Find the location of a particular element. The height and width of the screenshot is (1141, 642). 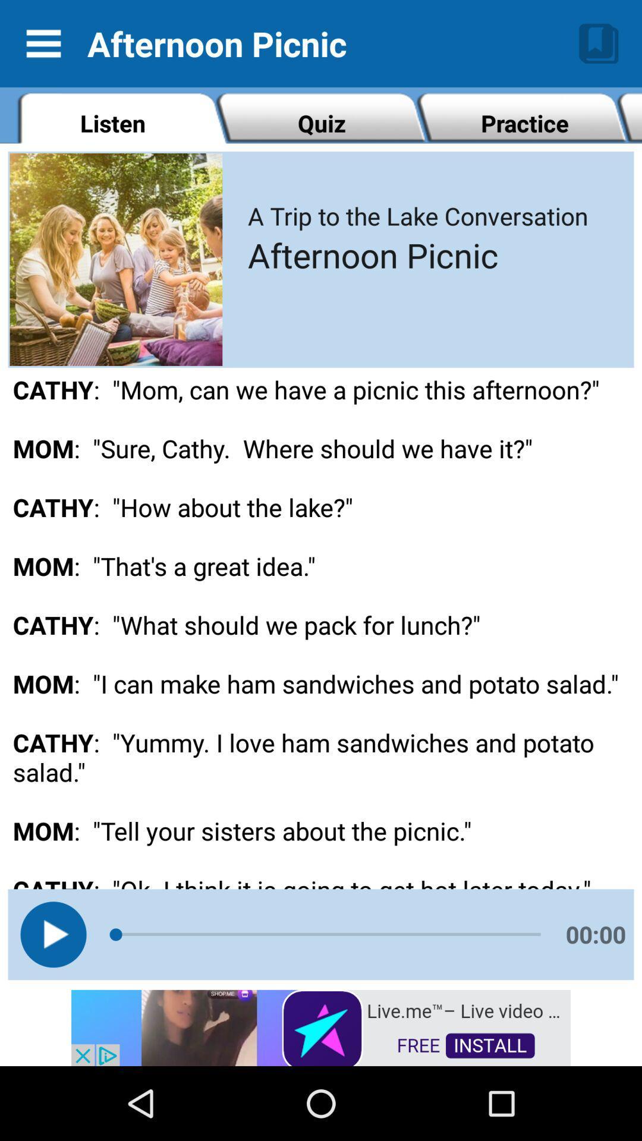

play button is located at coordinates (52, 934).